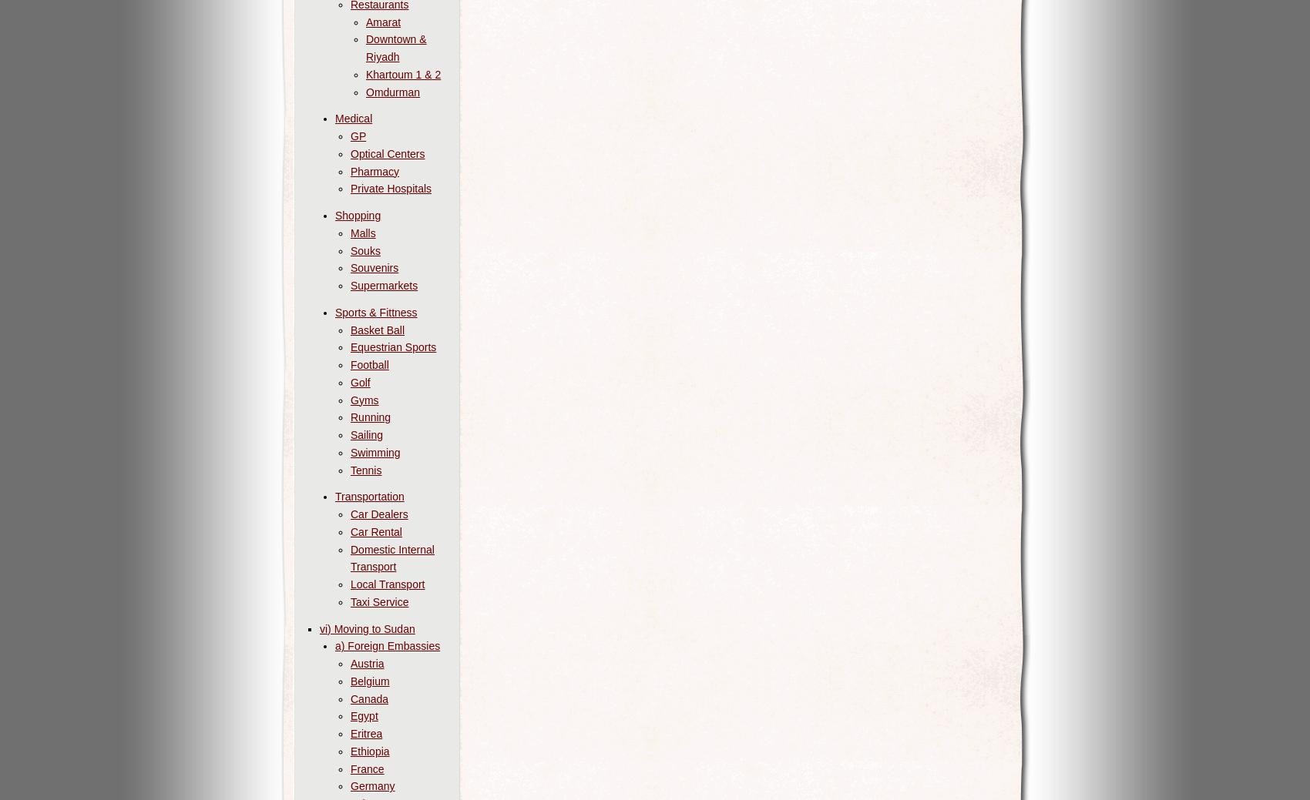  What do you see at coordinates (350, 285) in the screenshot?
I see `'Supermarkets'` at bounding box center [350, 285].